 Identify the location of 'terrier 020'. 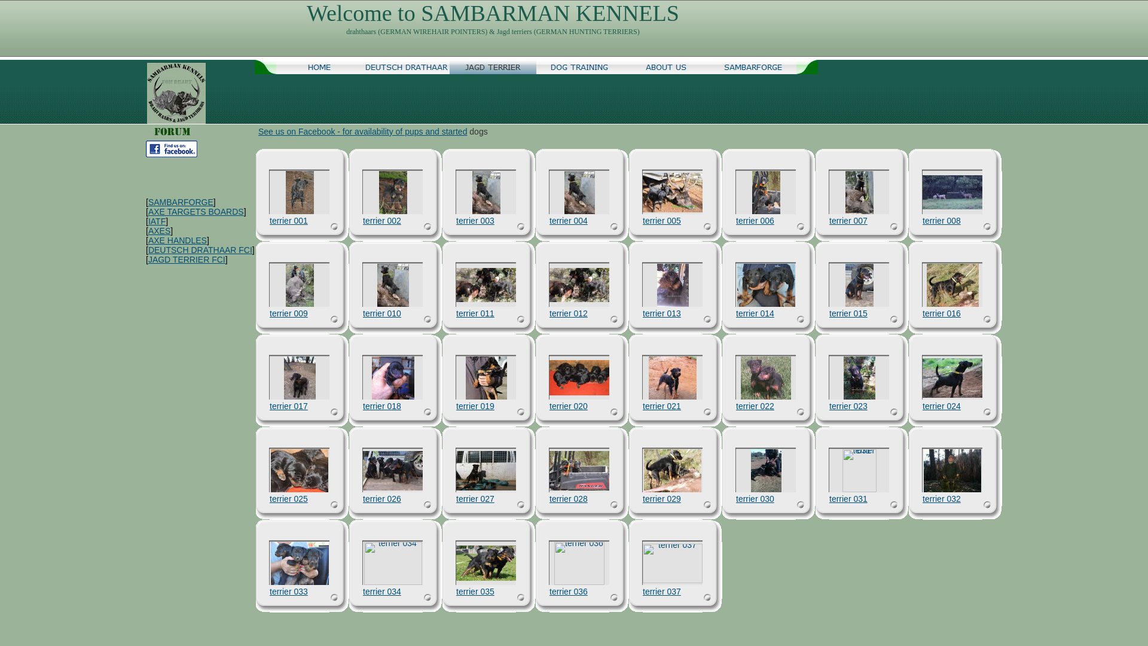
(579, 377).